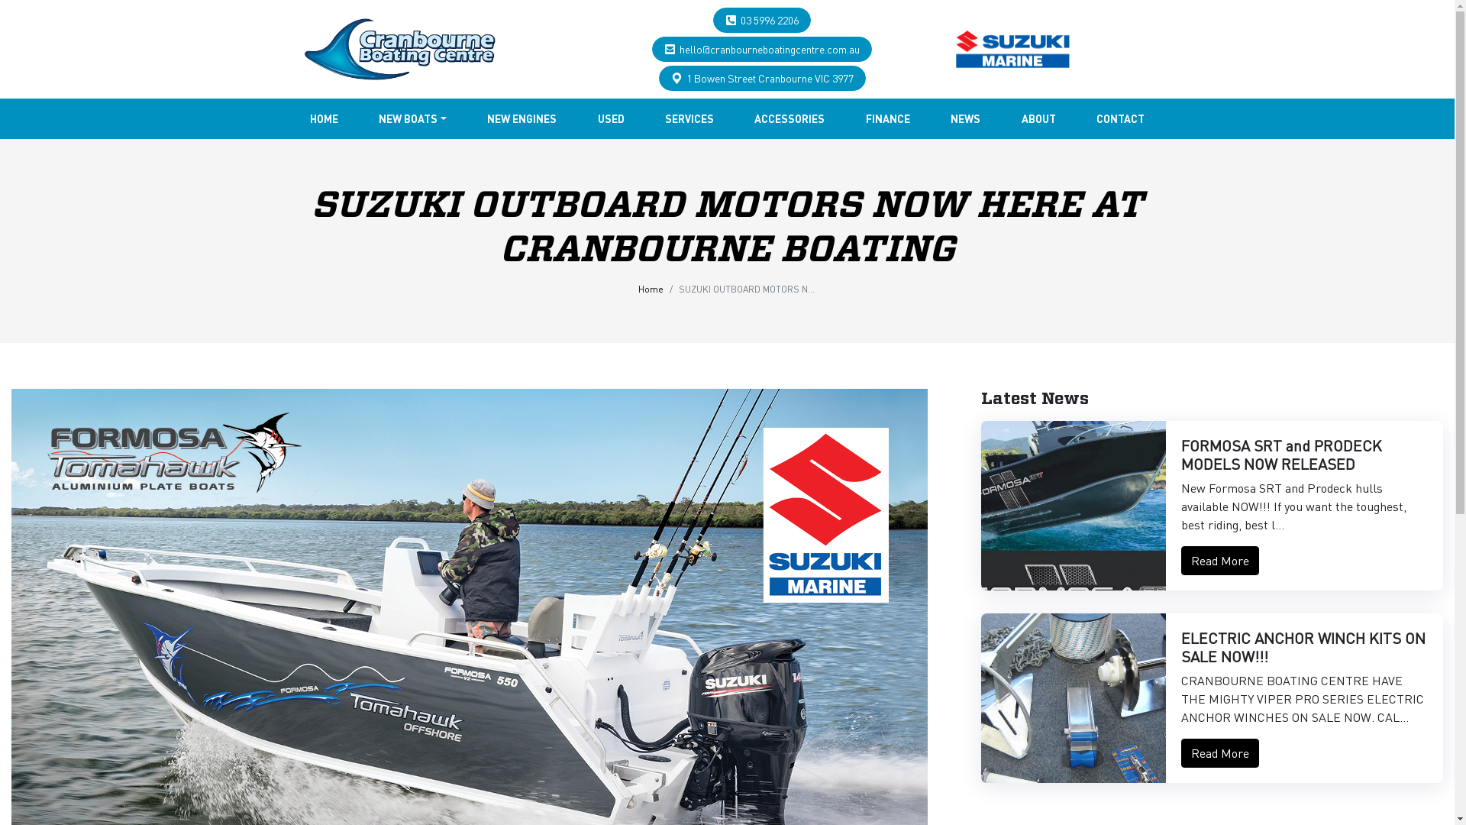 The image size is (1466, 825). I want to click on 'Read More', so click(1219, 560).